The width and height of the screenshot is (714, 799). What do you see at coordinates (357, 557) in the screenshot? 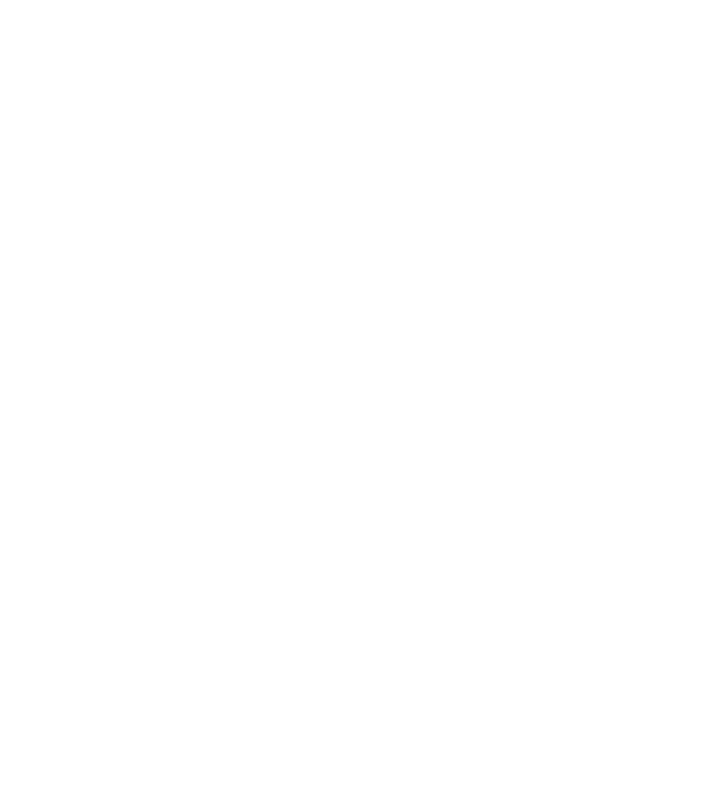
I see `'Advertise'` at bounding box center [357, 557].